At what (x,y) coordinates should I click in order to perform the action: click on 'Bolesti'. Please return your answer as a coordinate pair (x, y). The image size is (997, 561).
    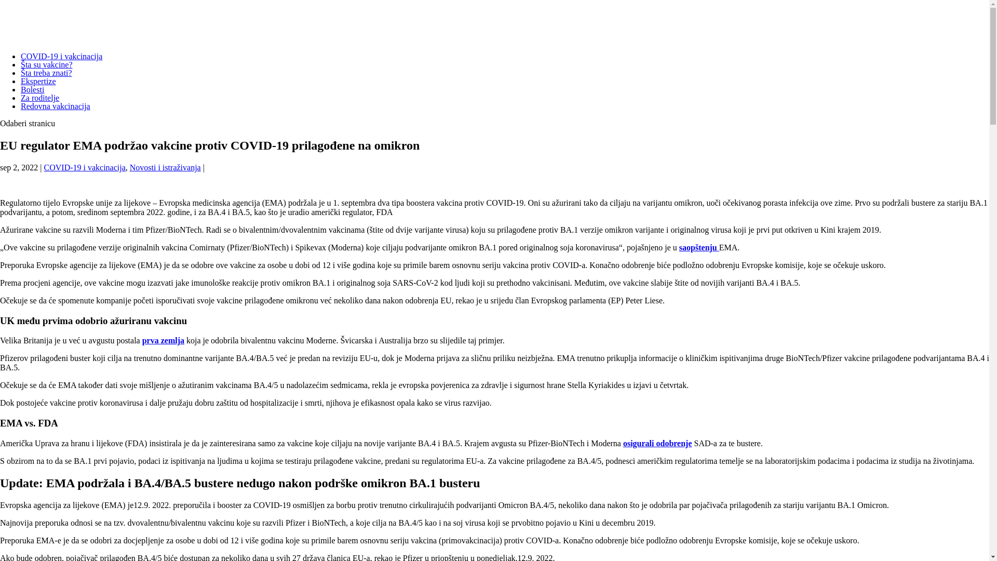
    Looking at the image, I should click on (32, 89).